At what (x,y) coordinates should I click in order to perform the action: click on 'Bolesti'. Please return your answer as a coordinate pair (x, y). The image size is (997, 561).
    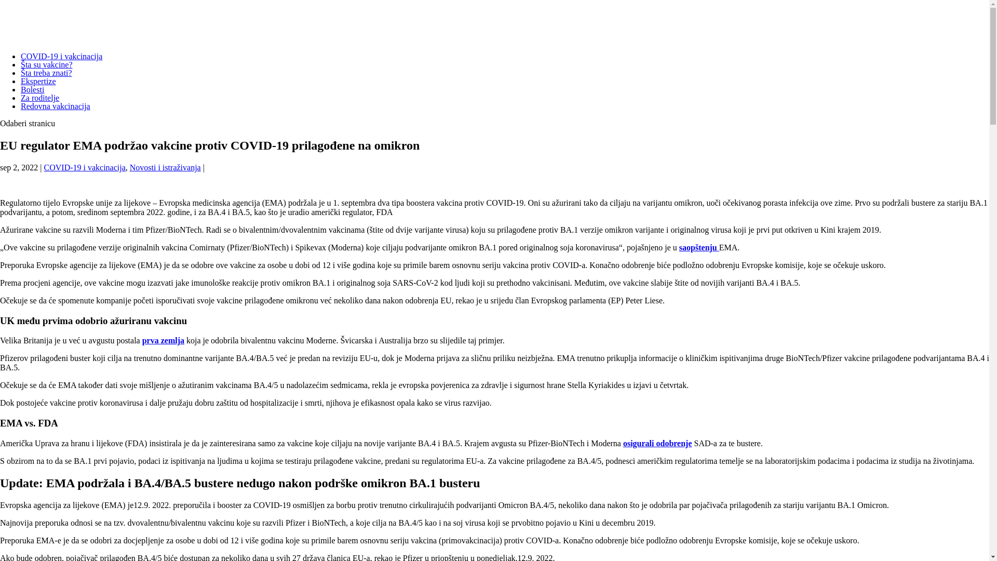
    Looking at the image, I should click on (32, 89).